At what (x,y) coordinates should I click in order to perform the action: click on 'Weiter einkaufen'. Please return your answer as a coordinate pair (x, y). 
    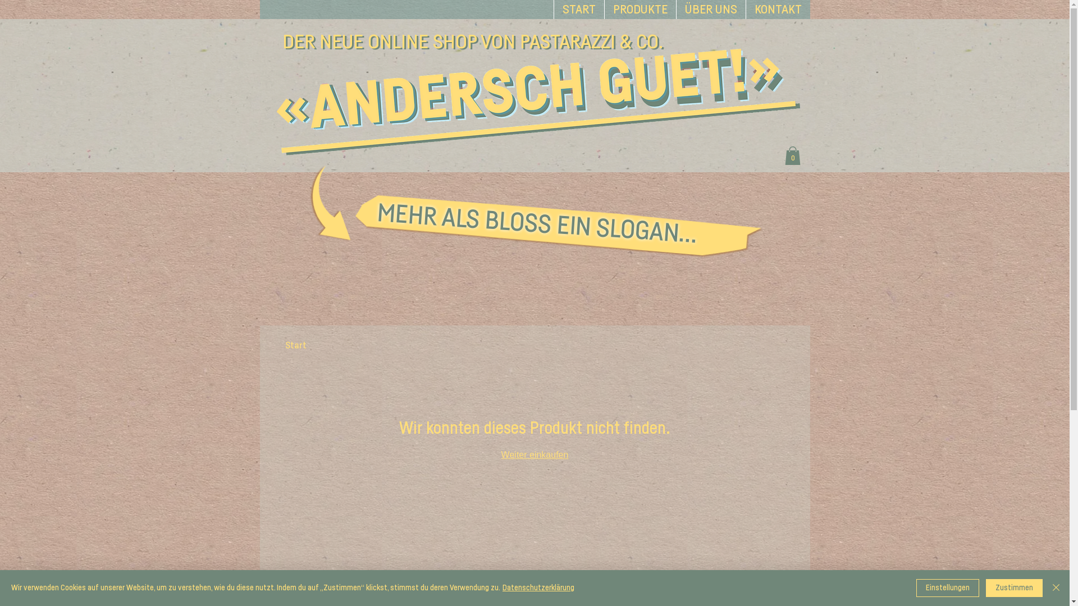
    Looking at the image, I should click on (535, 454).